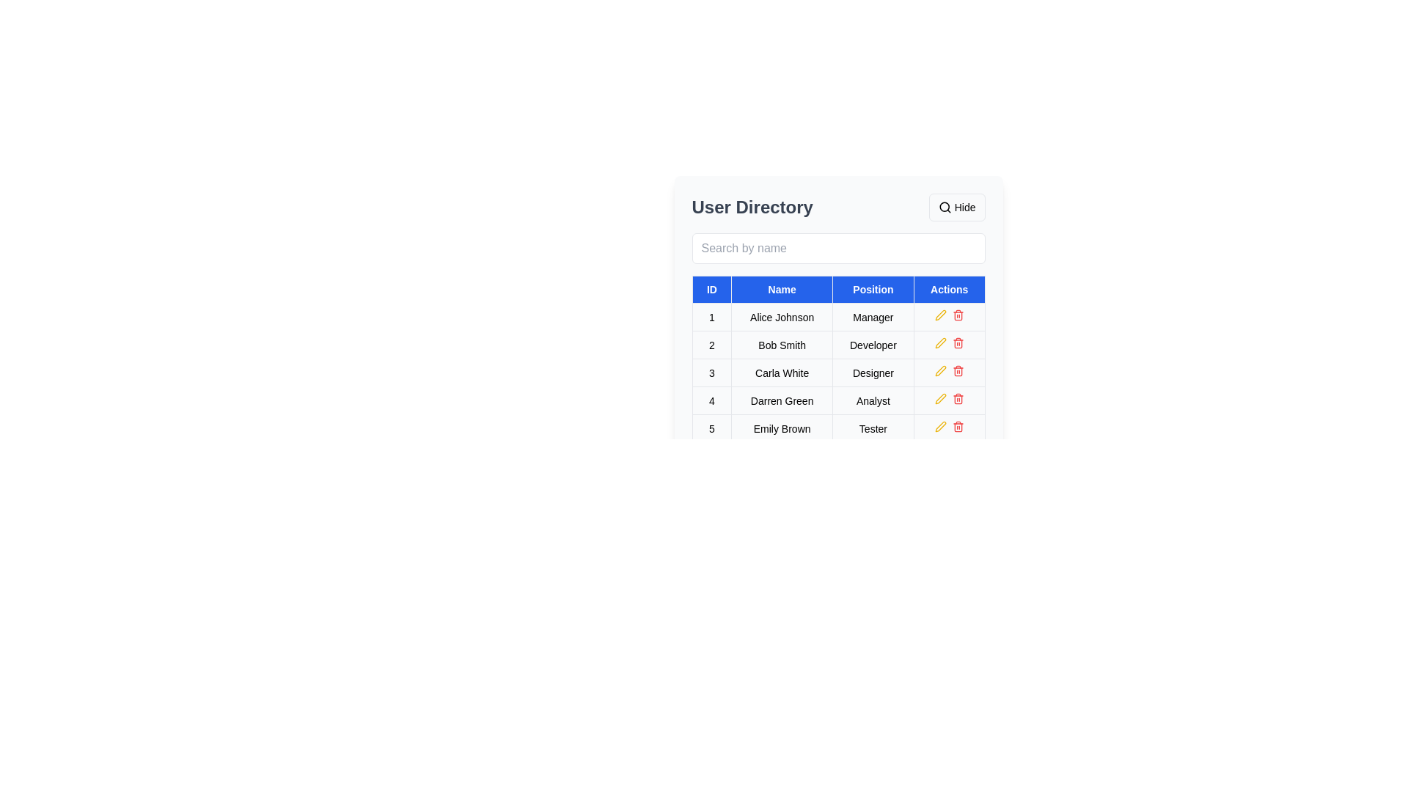  What do you see at coordinates (781, 316) in the screenshot?
I see `the text label displaying 'Alice Johnson' located in the second column of the first data row under the 'Name' header` at bounding box center [781, 316].